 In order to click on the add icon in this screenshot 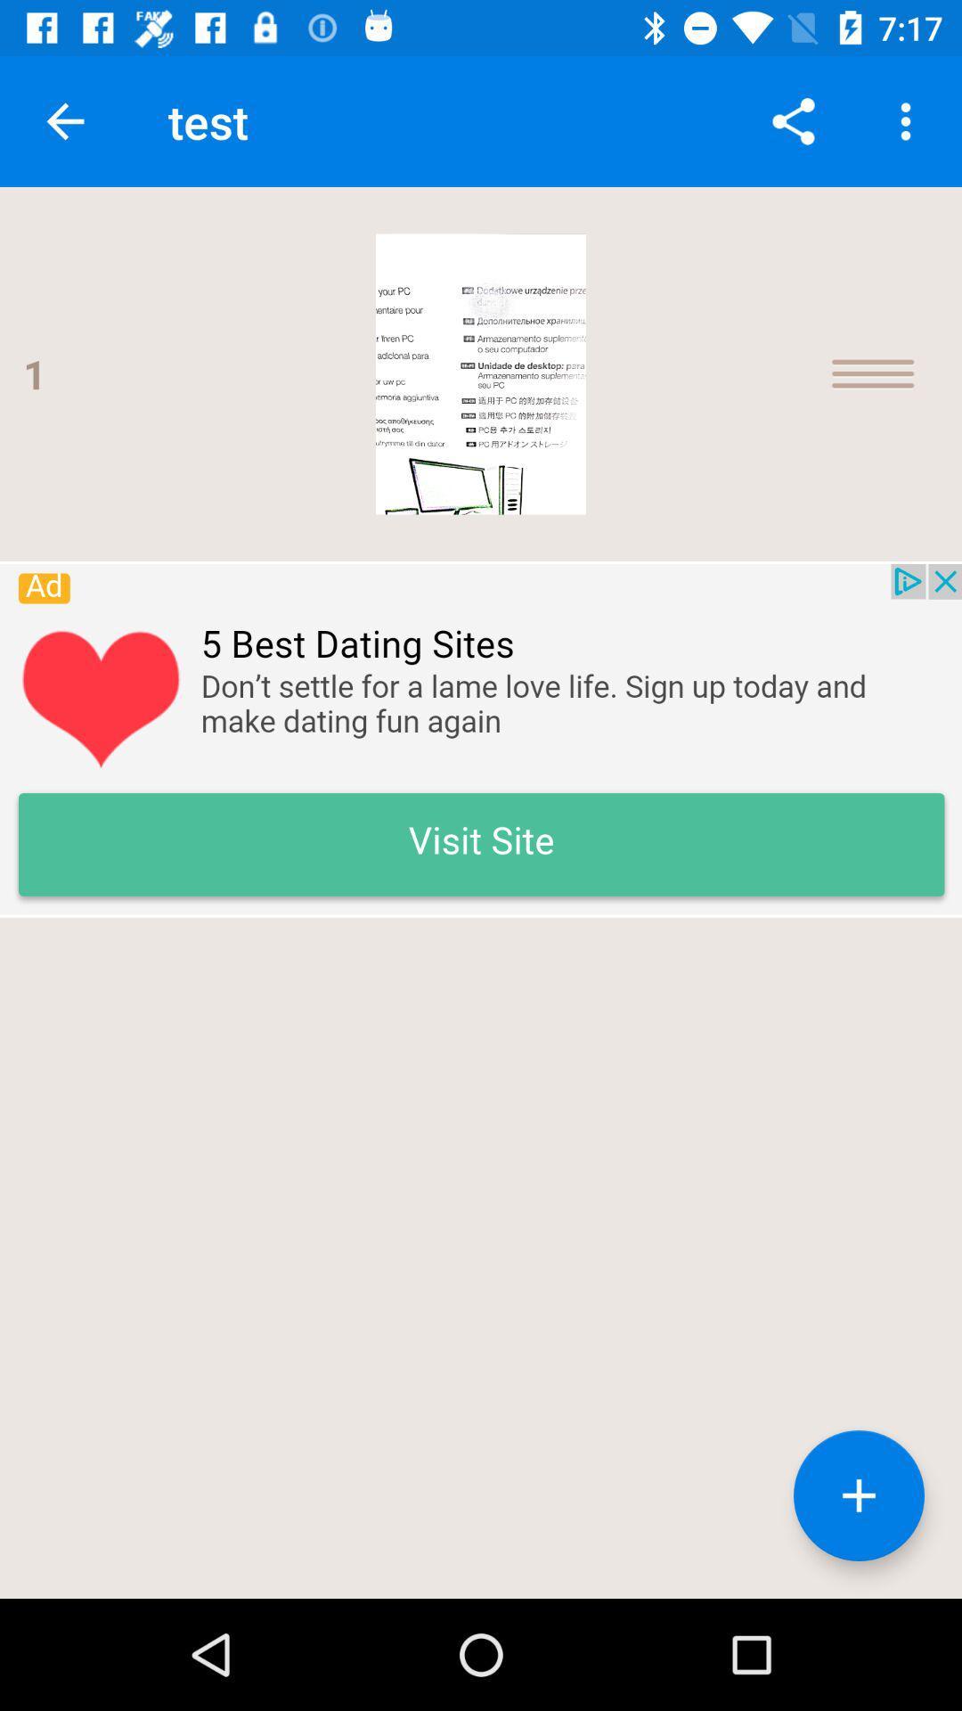, I will do `click(858, 1495)`.